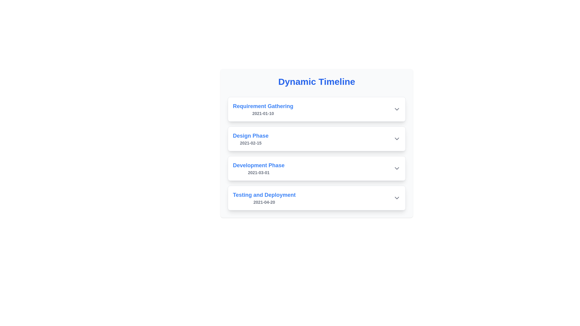 This screenshot has height=326, width=580. What do you see at coordinates (263, 106) in the screenshot?
I see `the text label displaying 'Requirement Gathering' which is a bold, blue title-like label located above the date text '2021-01-10'` at bounding box center [263, 106].